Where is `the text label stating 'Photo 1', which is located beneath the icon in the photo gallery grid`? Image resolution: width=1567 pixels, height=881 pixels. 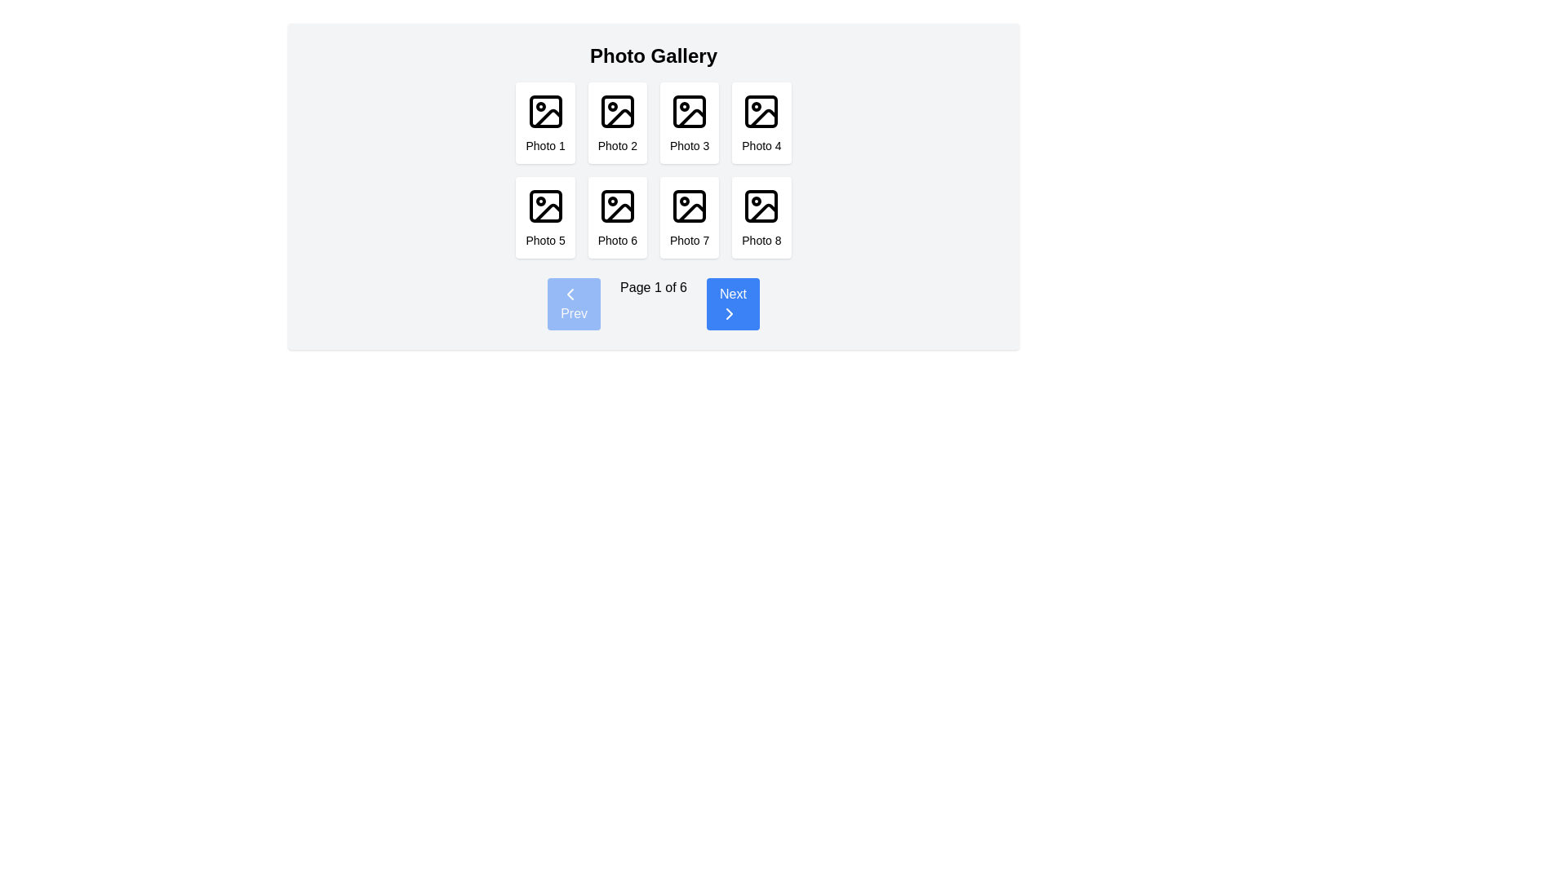
the text label stating 'Photo 1', which is located beneath the icon in the photo gallery grid is located at coordinates (545, 144).